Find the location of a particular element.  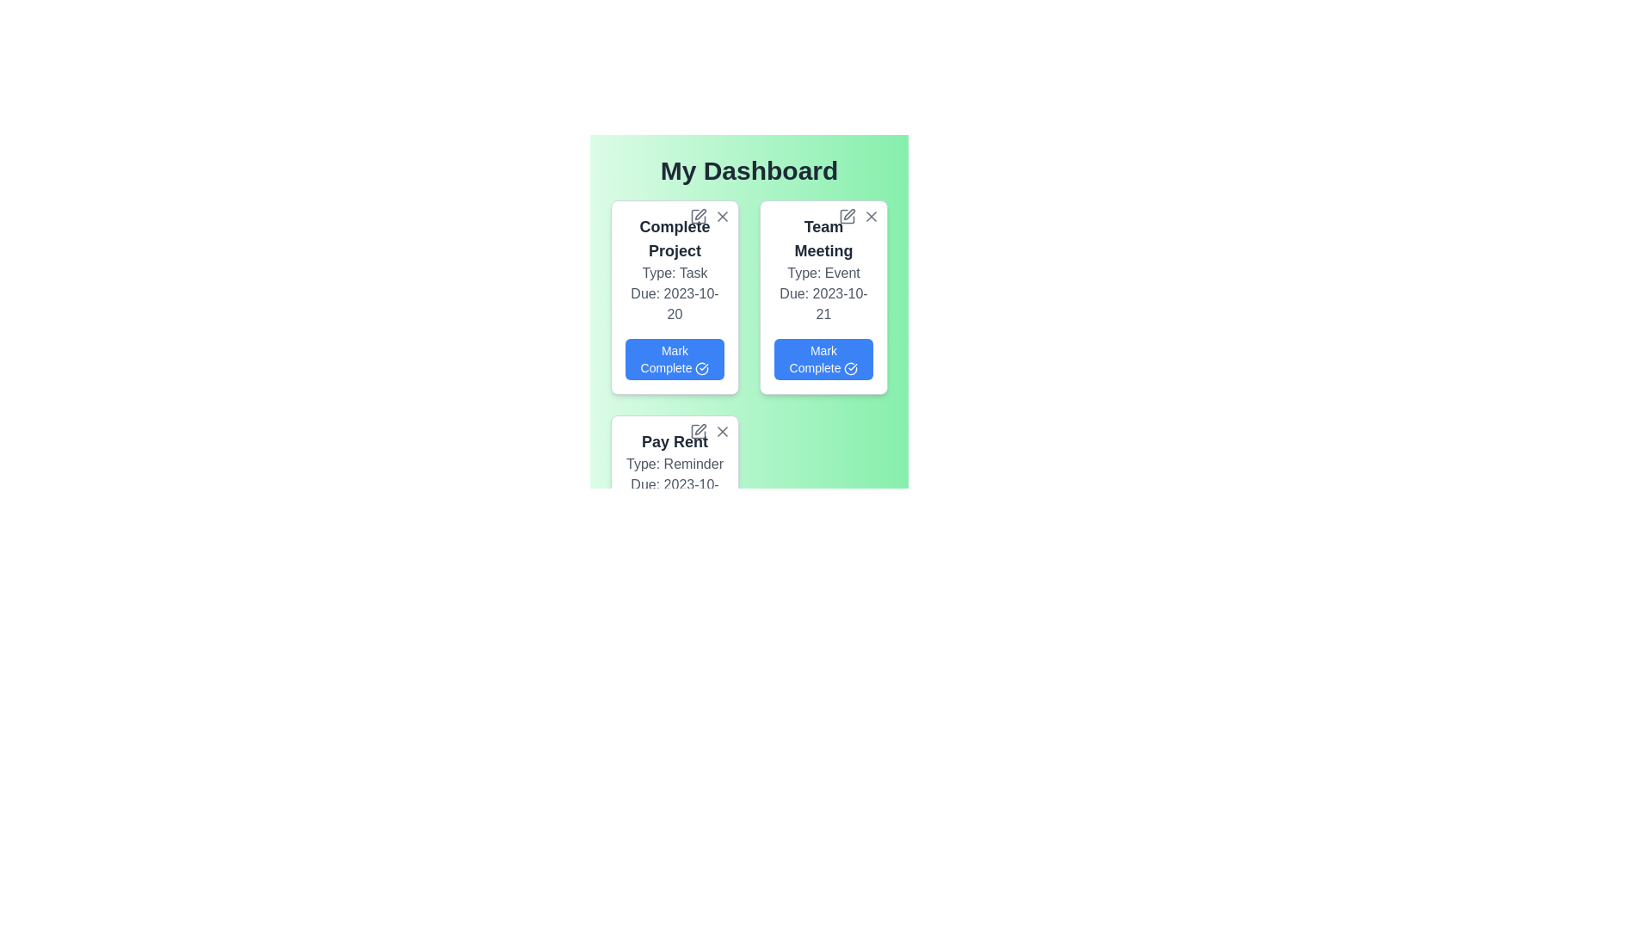

the edit button located at the top-right of the 'Complete Project' card, which is the first item in its control group is located at coordinates (698, 215).